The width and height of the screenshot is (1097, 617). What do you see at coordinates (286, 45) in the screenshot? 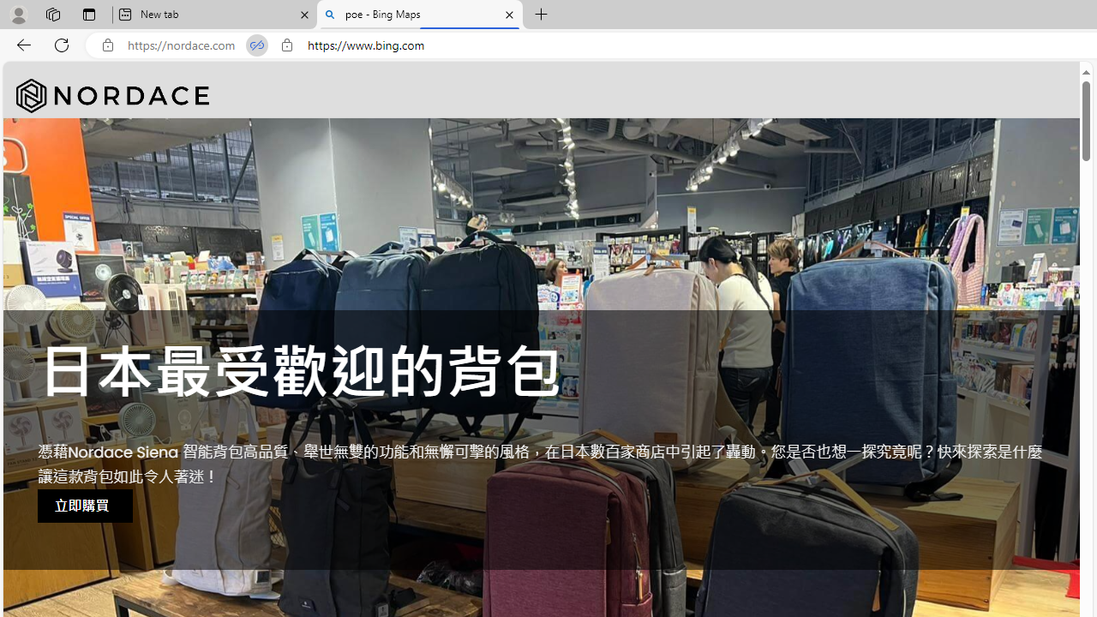
I see `'View site information'` at bounding box center [286, 45].